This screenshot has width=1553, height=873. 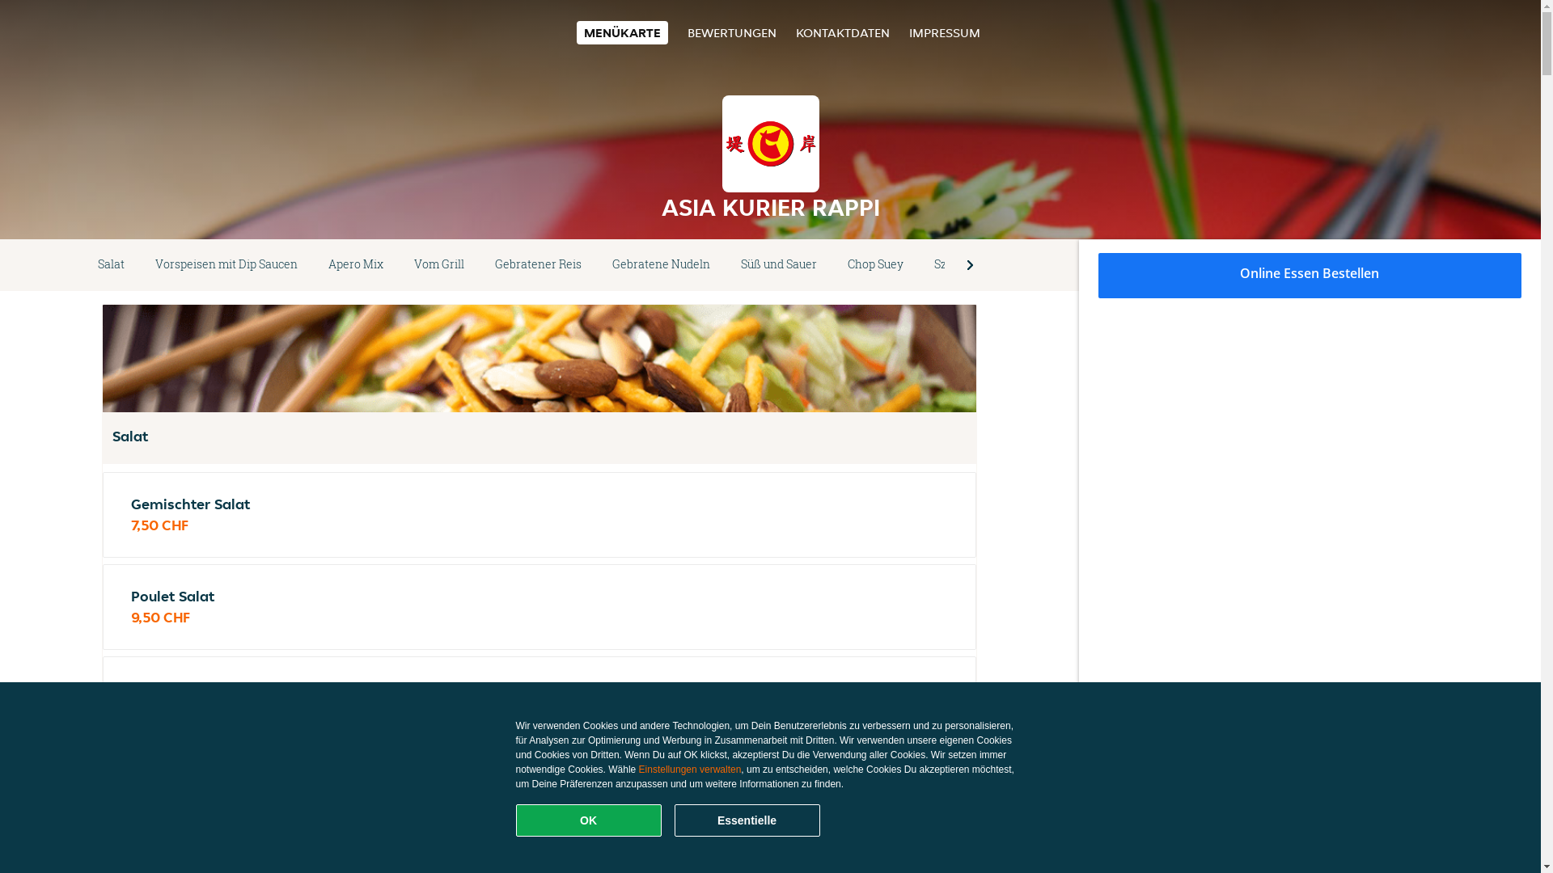 What do you see at coordinates (874, 264) in the screenshot?
I see `'Chop Suey'` at bounding box center [874, 264].